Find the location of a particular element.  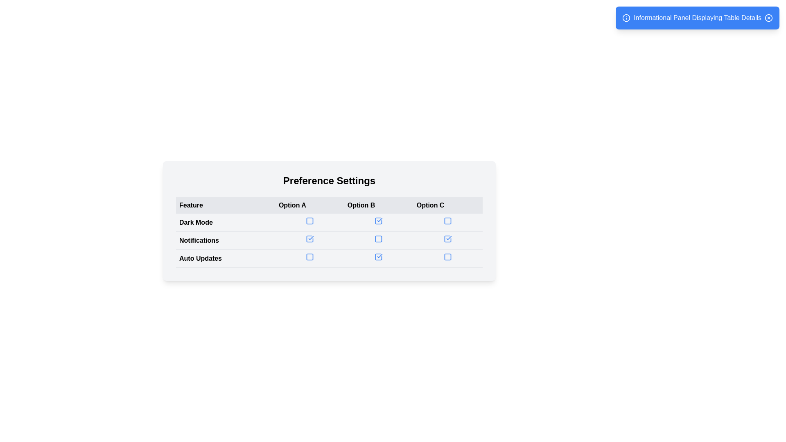

the 'Dark Mode' checkbox input located under 'Option C' is located at coordinates (447, 222).